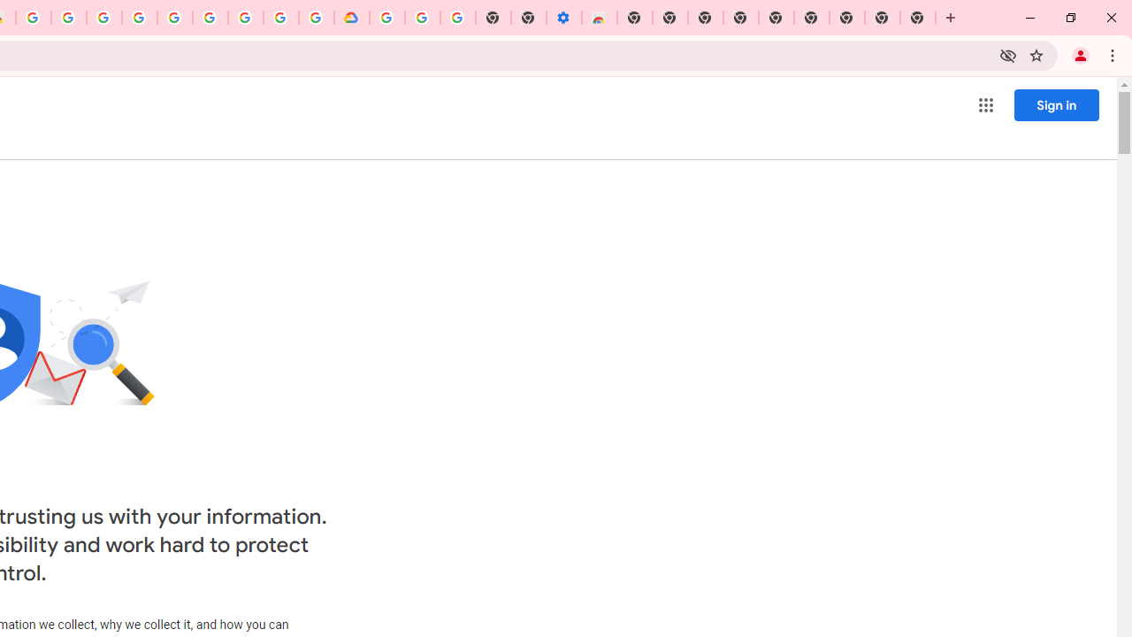 This screenshot has width=1132, height=637. I want to click on 'New Tab', so click(918, 18).